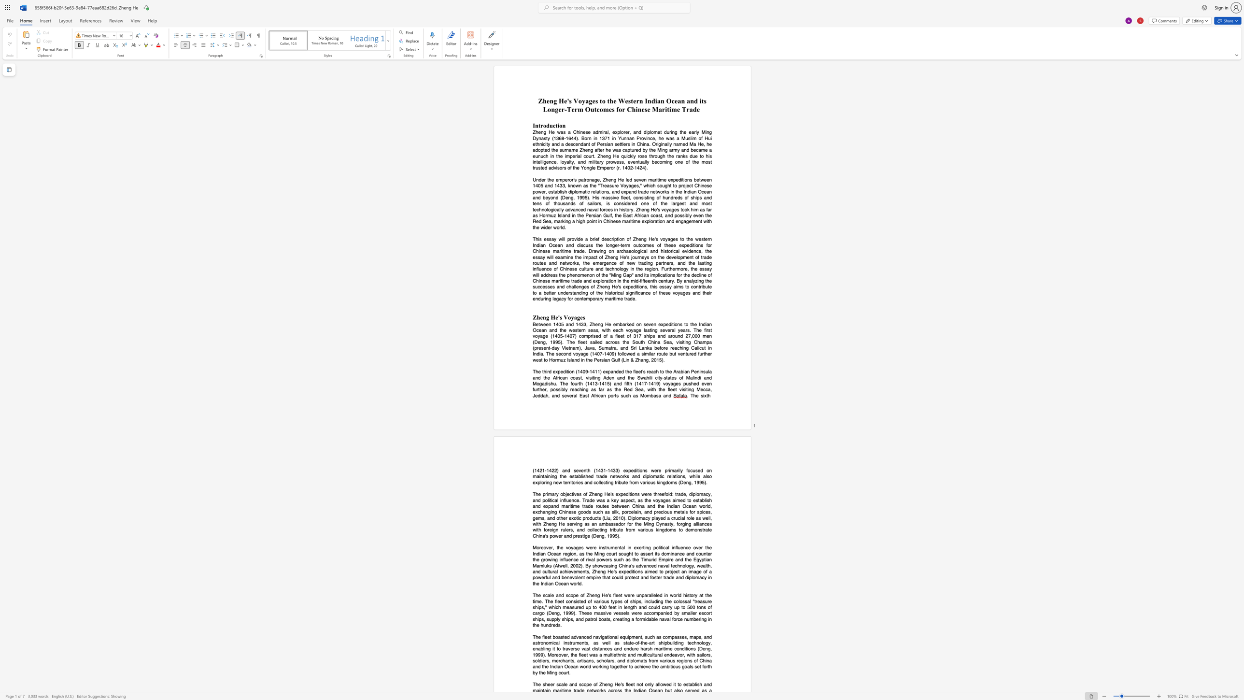 The height and width of the screenshot is (700, 1244). I want to click on the subset text "cope of Zheng He" within the text "The sheer scale and scope of Zheng He", so click(581, 684).